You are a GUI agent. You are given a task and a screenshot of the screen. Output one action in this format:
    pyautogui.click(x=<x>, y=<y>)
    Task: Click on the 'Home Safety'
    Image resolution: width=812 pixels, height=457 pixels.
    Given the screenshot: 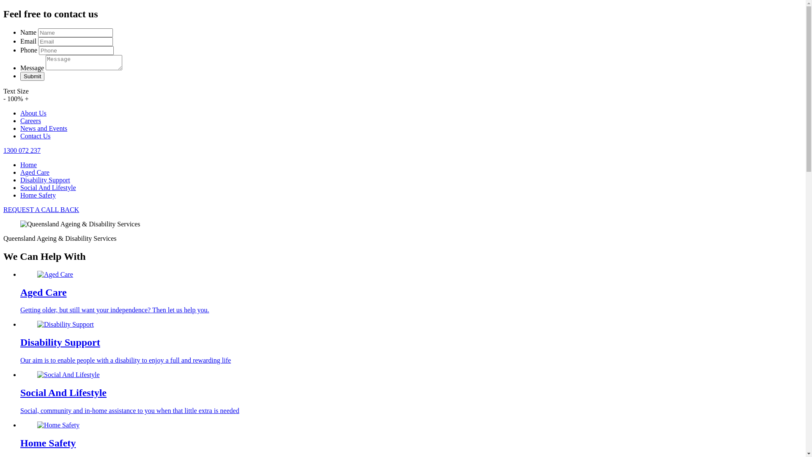 What is the action you would take?
    pyautogui.click(x=20, y=195)
    